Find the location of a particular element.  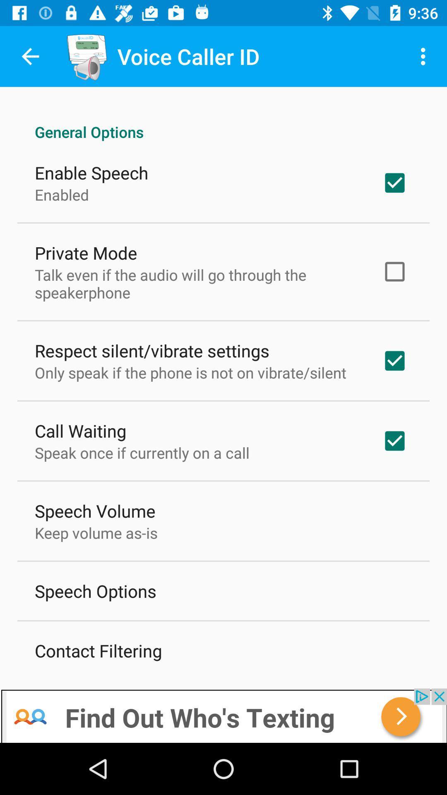

trucaller id is located at coordinates (223, 715).